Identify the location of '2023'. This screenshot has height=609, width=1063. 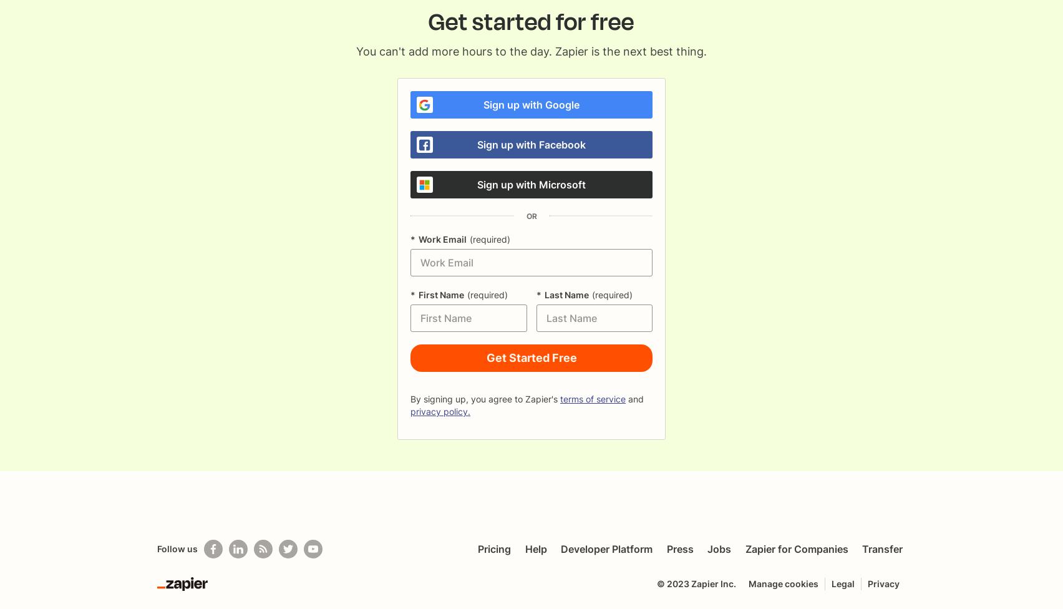
(677, 583).